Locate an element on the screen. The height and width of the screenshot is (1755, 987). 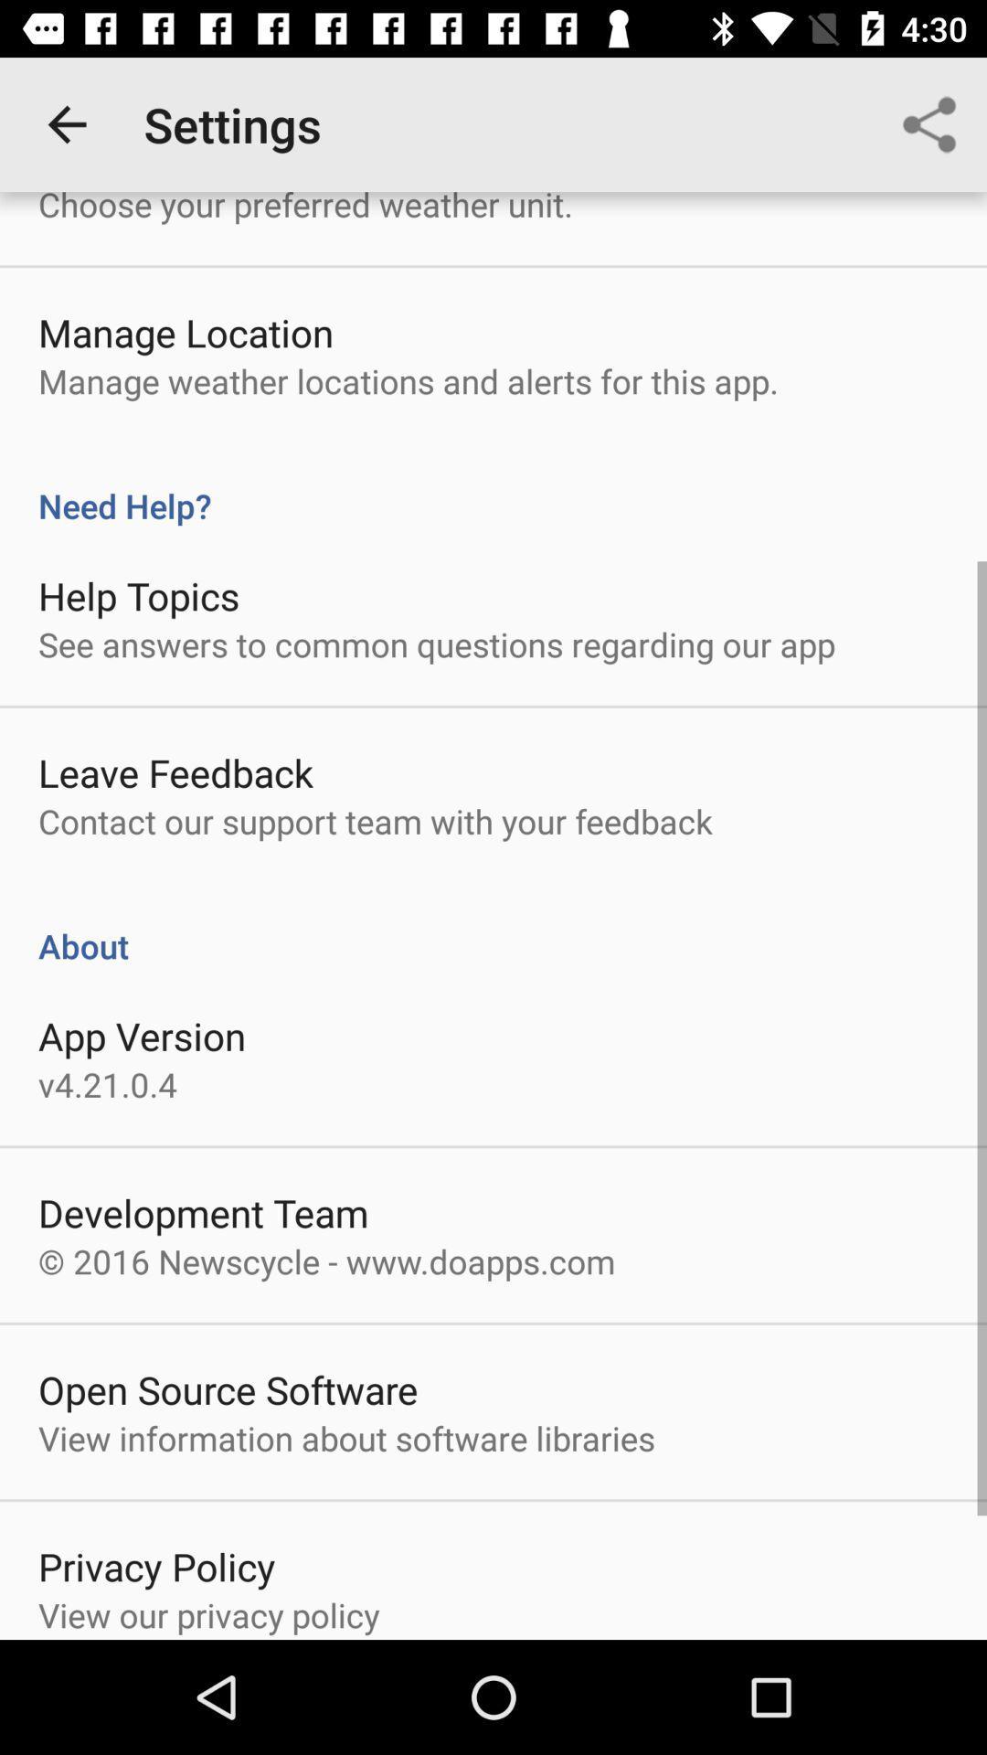
item below the development team is located at coordinates (325, 1260).